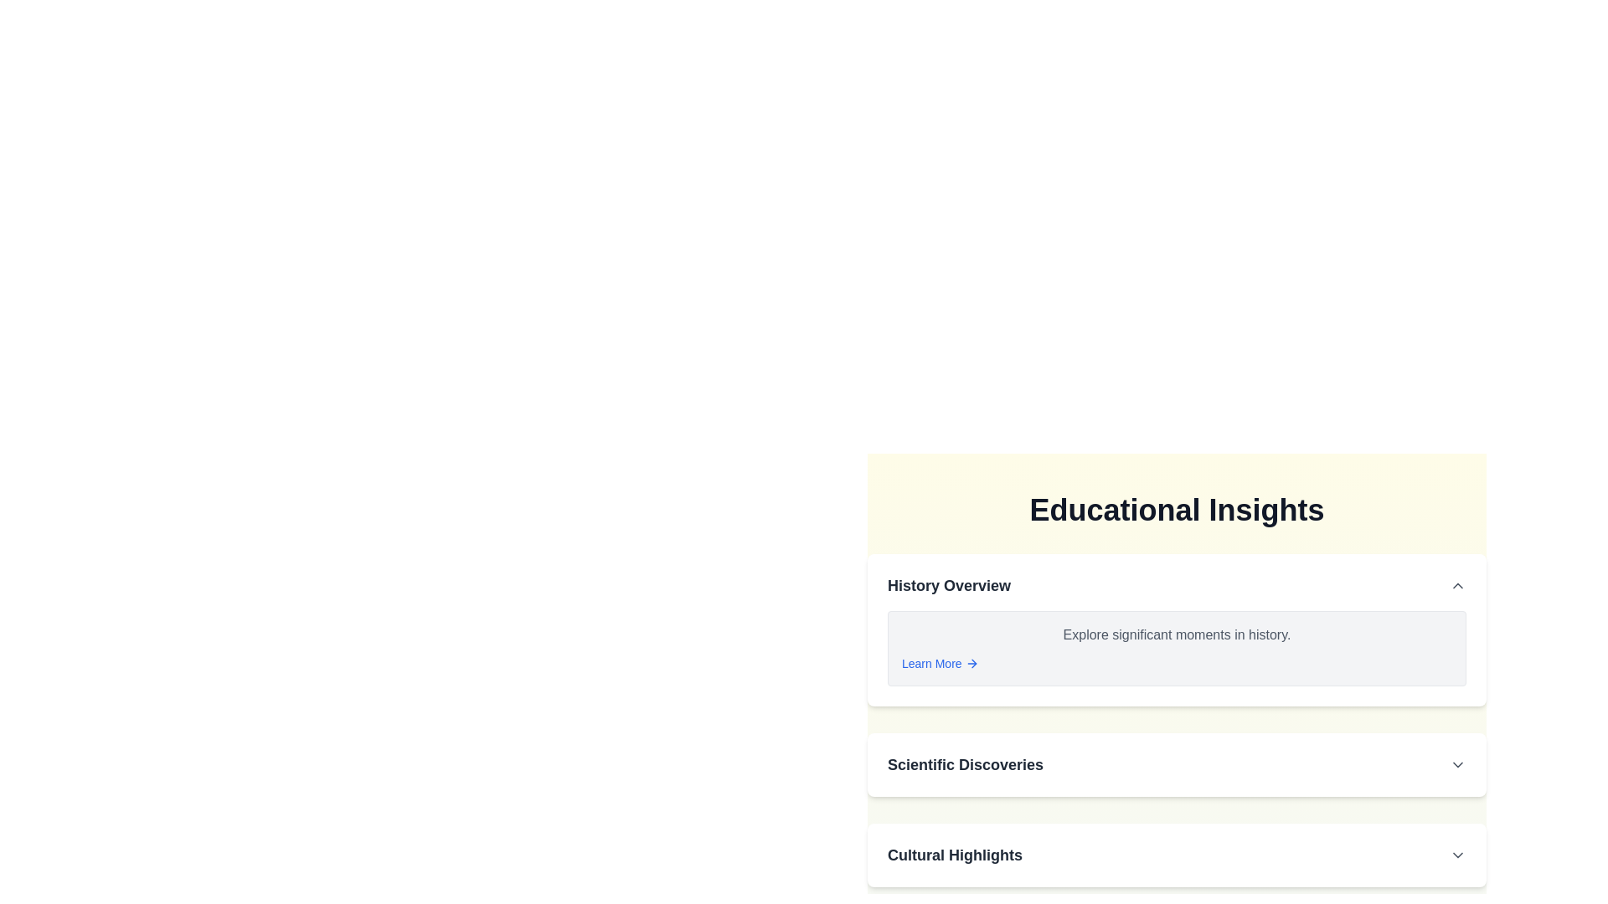 The height and width of the screenshot is (904, 1608). I want to click on the icon-based toggle button located at the far-right side of the row containing 'Cultural Highlights', so click(1457, 855).